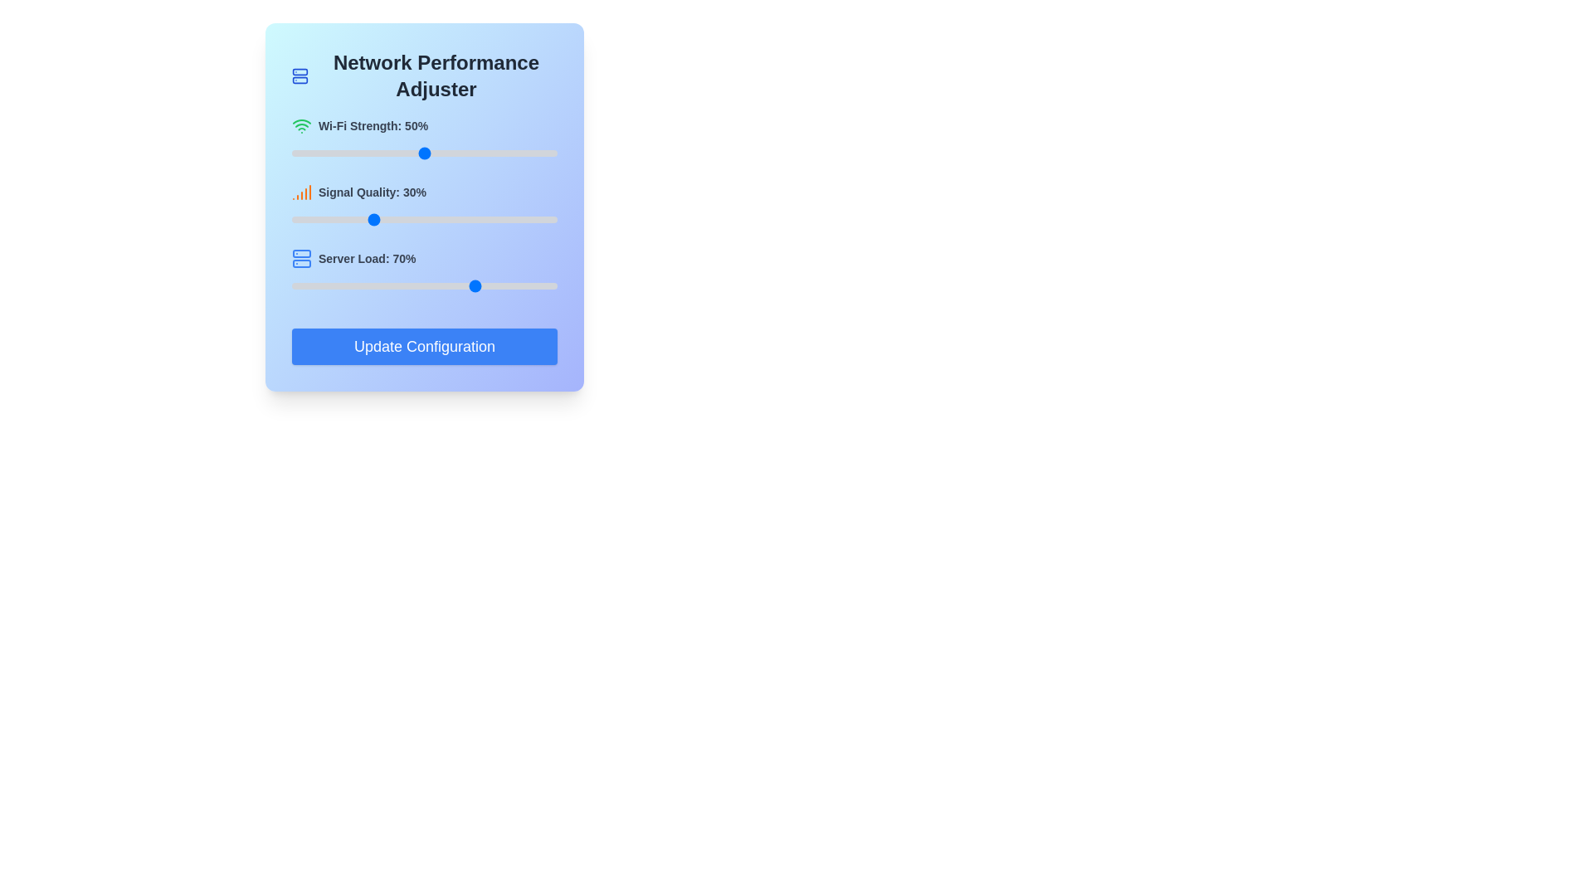  What do you see at coordinates (384, 219) in the screenshot?
I see `the signal quality` at bounding box center [384, 219].